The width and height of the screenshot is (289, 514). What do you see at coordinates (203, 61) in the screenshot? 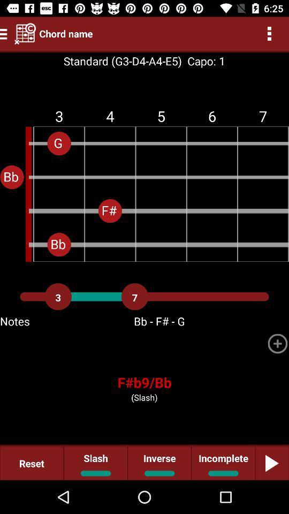
I see `the   capo: 1` at bounding box center [203, 61].